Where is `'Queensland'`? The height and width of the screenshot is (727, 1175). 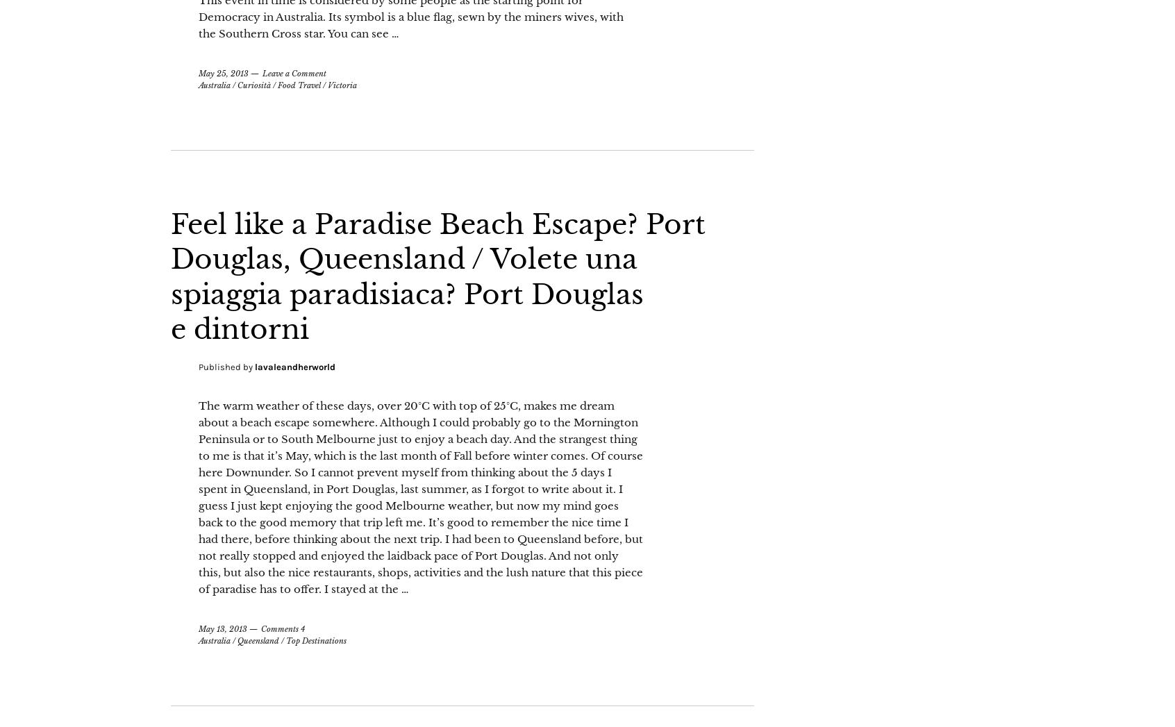
'Queensland' is located at coordinates (236, 674).